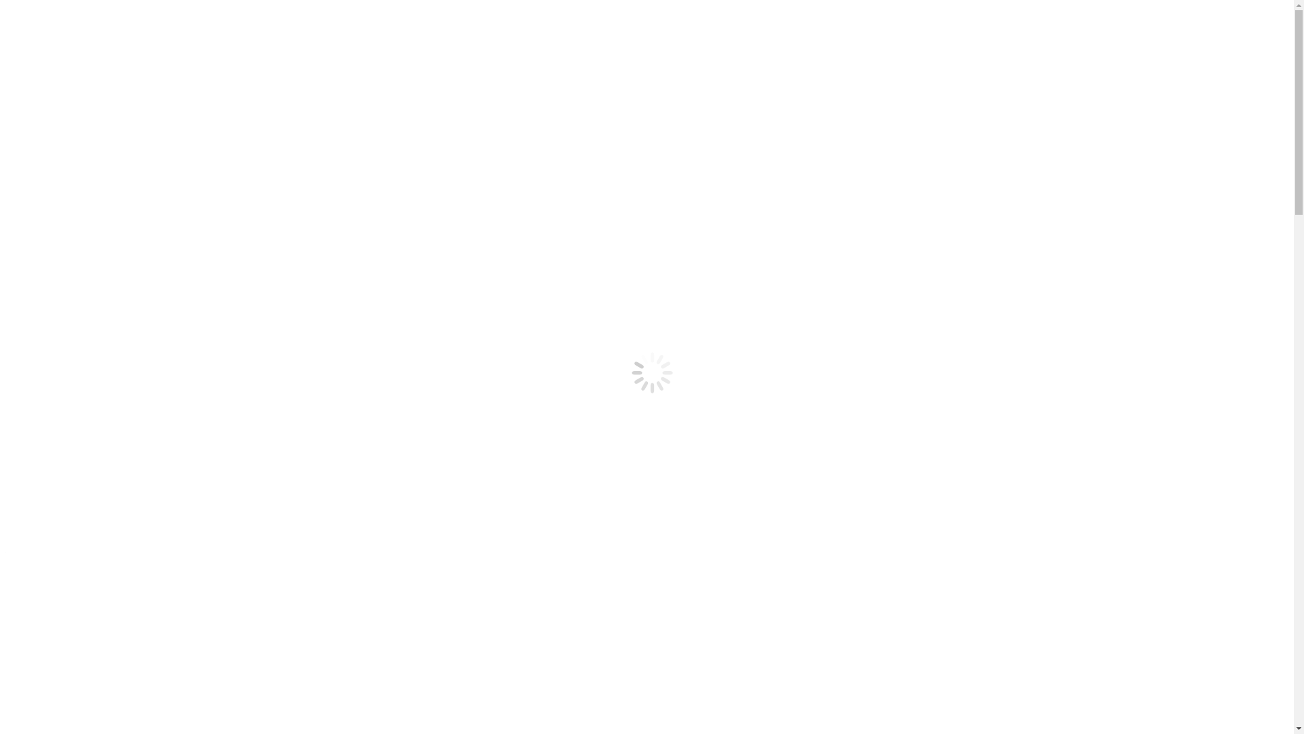  What do you see at coordinates (65, 97) in the screenshot?
I see `'Search form'` at bounding box center [65, 97].